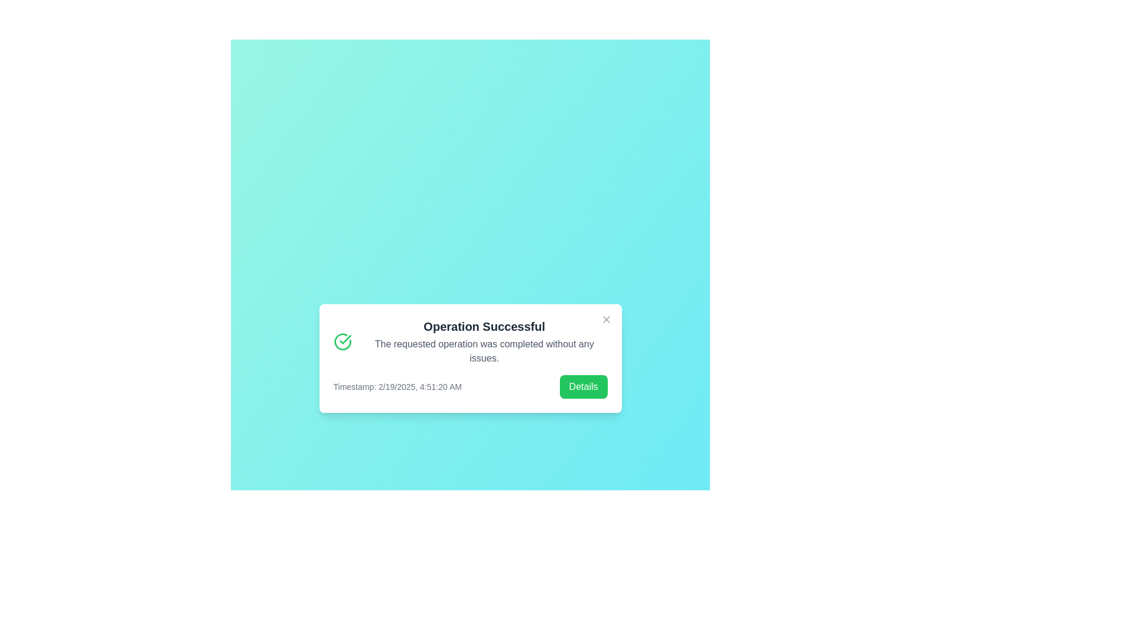 The width and height of the screenshot is (1134, 638). I want to click on the 'Close' button to dismiss the alert, so click(606, 319).